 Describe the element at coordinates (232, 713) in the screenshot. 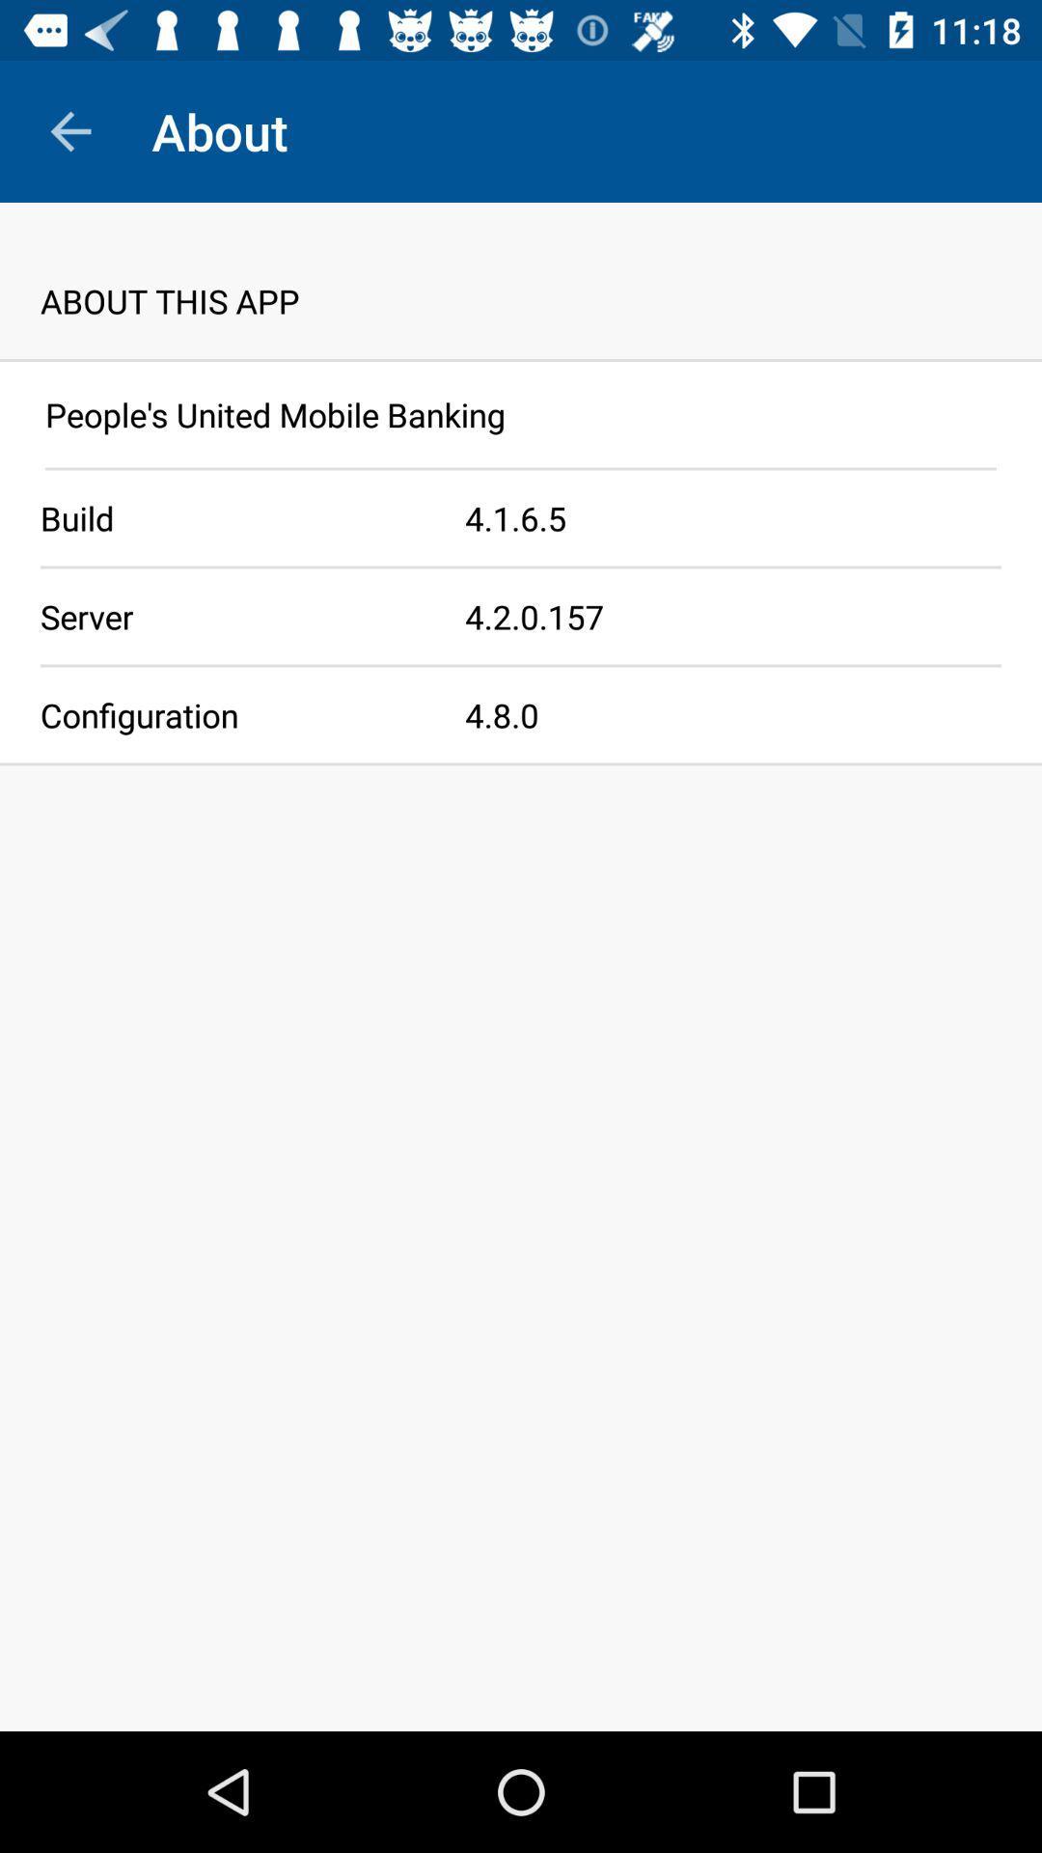

I see `icon next to 4.8.0` at that location.